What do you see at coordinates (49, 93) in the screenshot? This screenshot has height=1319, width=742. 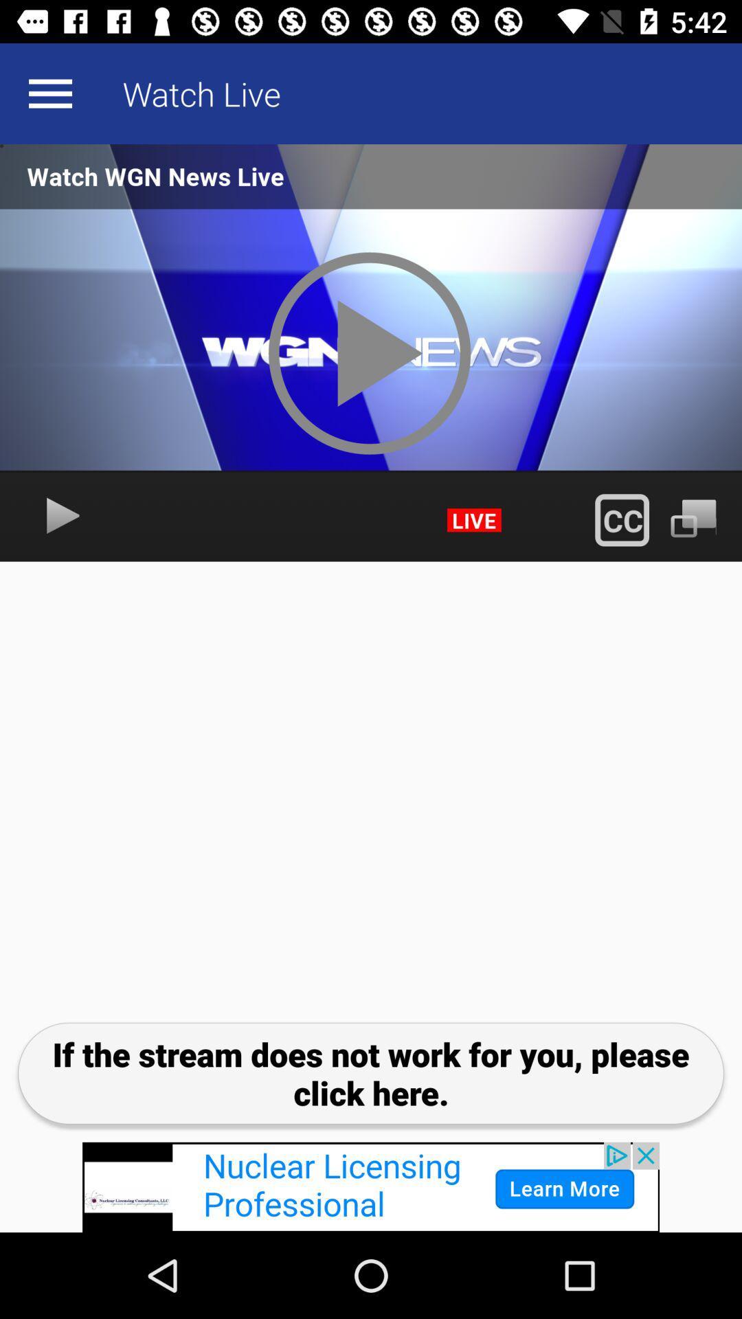 I see `menu` at bounding box center [49, 93].